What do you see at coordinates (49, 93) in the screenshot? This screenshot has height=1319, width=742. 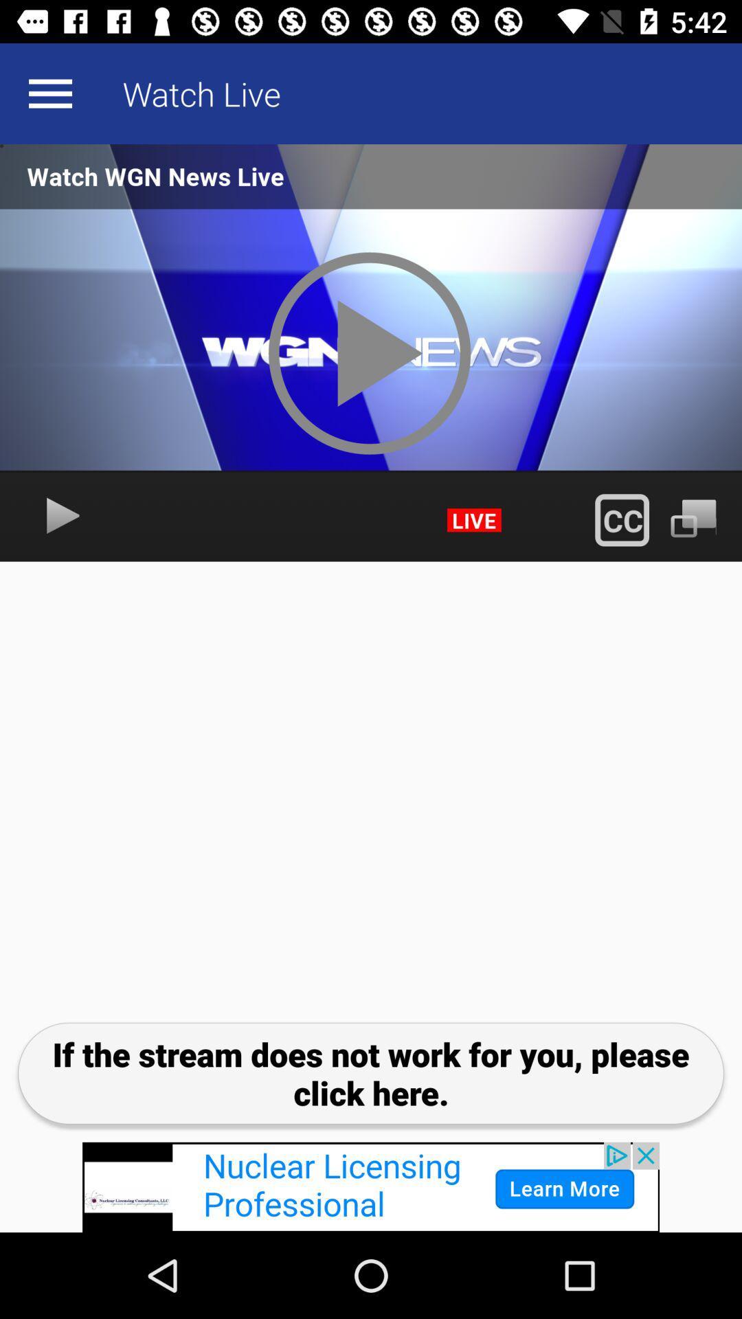 I see `menu` at bounding box center [49, 93].